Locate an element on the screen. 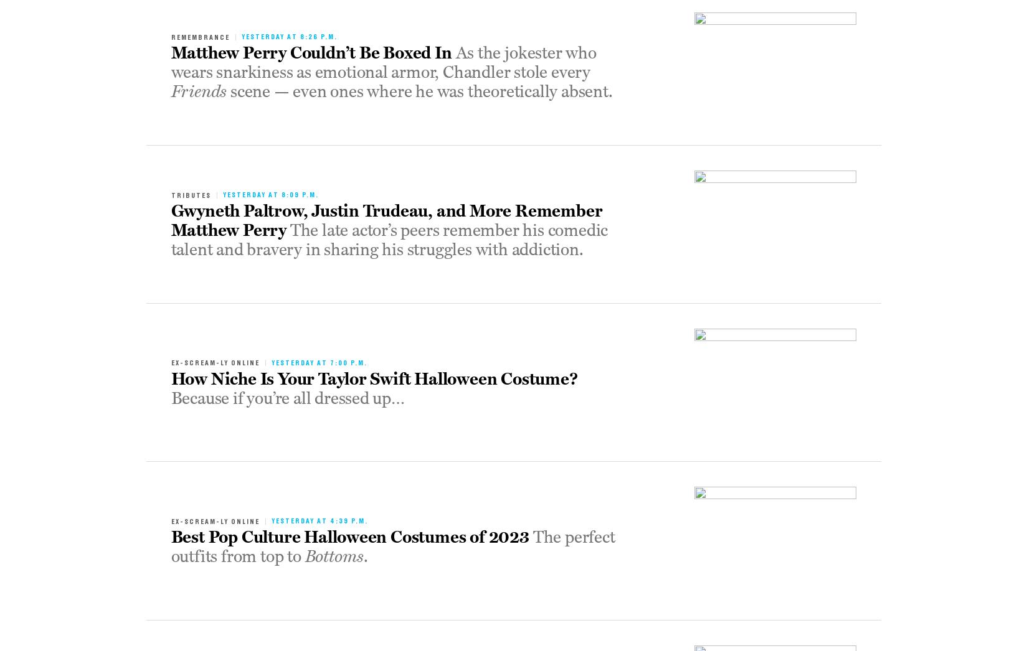 The height and width of the screenshot is (651, 1027). 'How Niche Is Your Taylor Swift Halloween Costume?' is located at coordinates (171, 379).